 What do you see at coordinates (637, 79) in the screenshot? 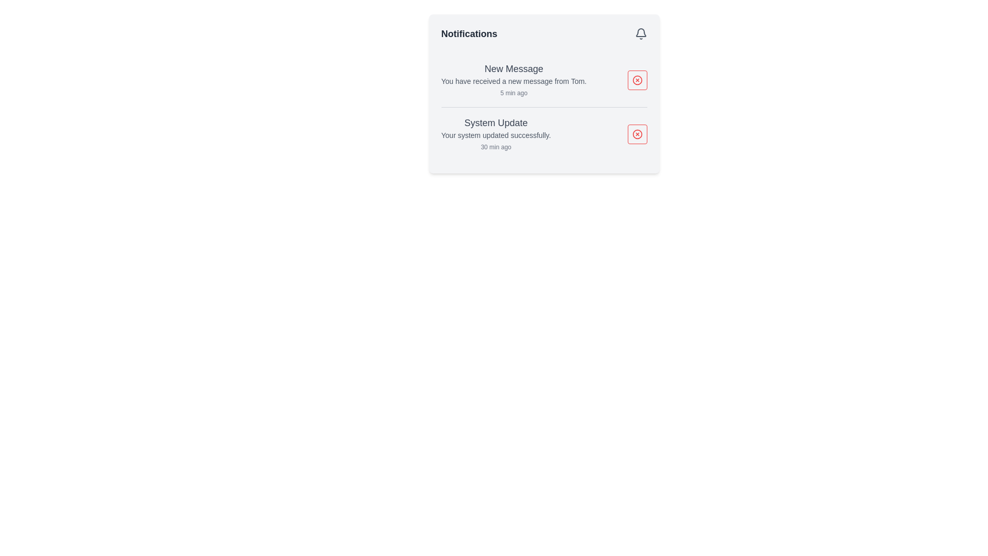
I see `the small square button with rounded corners that has a thin red border and a circular icon with a cross symbol, located in the top message card of the list` at bounding box center [637, 79].